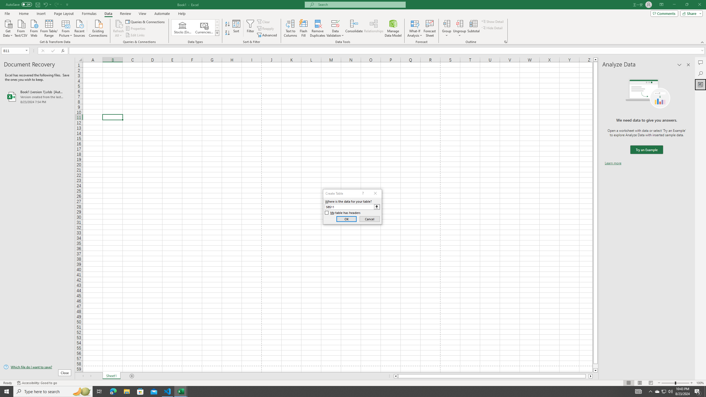 Image resolution: width=706 pixels, height=397 pixels. What do you see at coordinates (264, 22) in the screenshot?
I see `'Clear'` at bounding box center [264, 22].